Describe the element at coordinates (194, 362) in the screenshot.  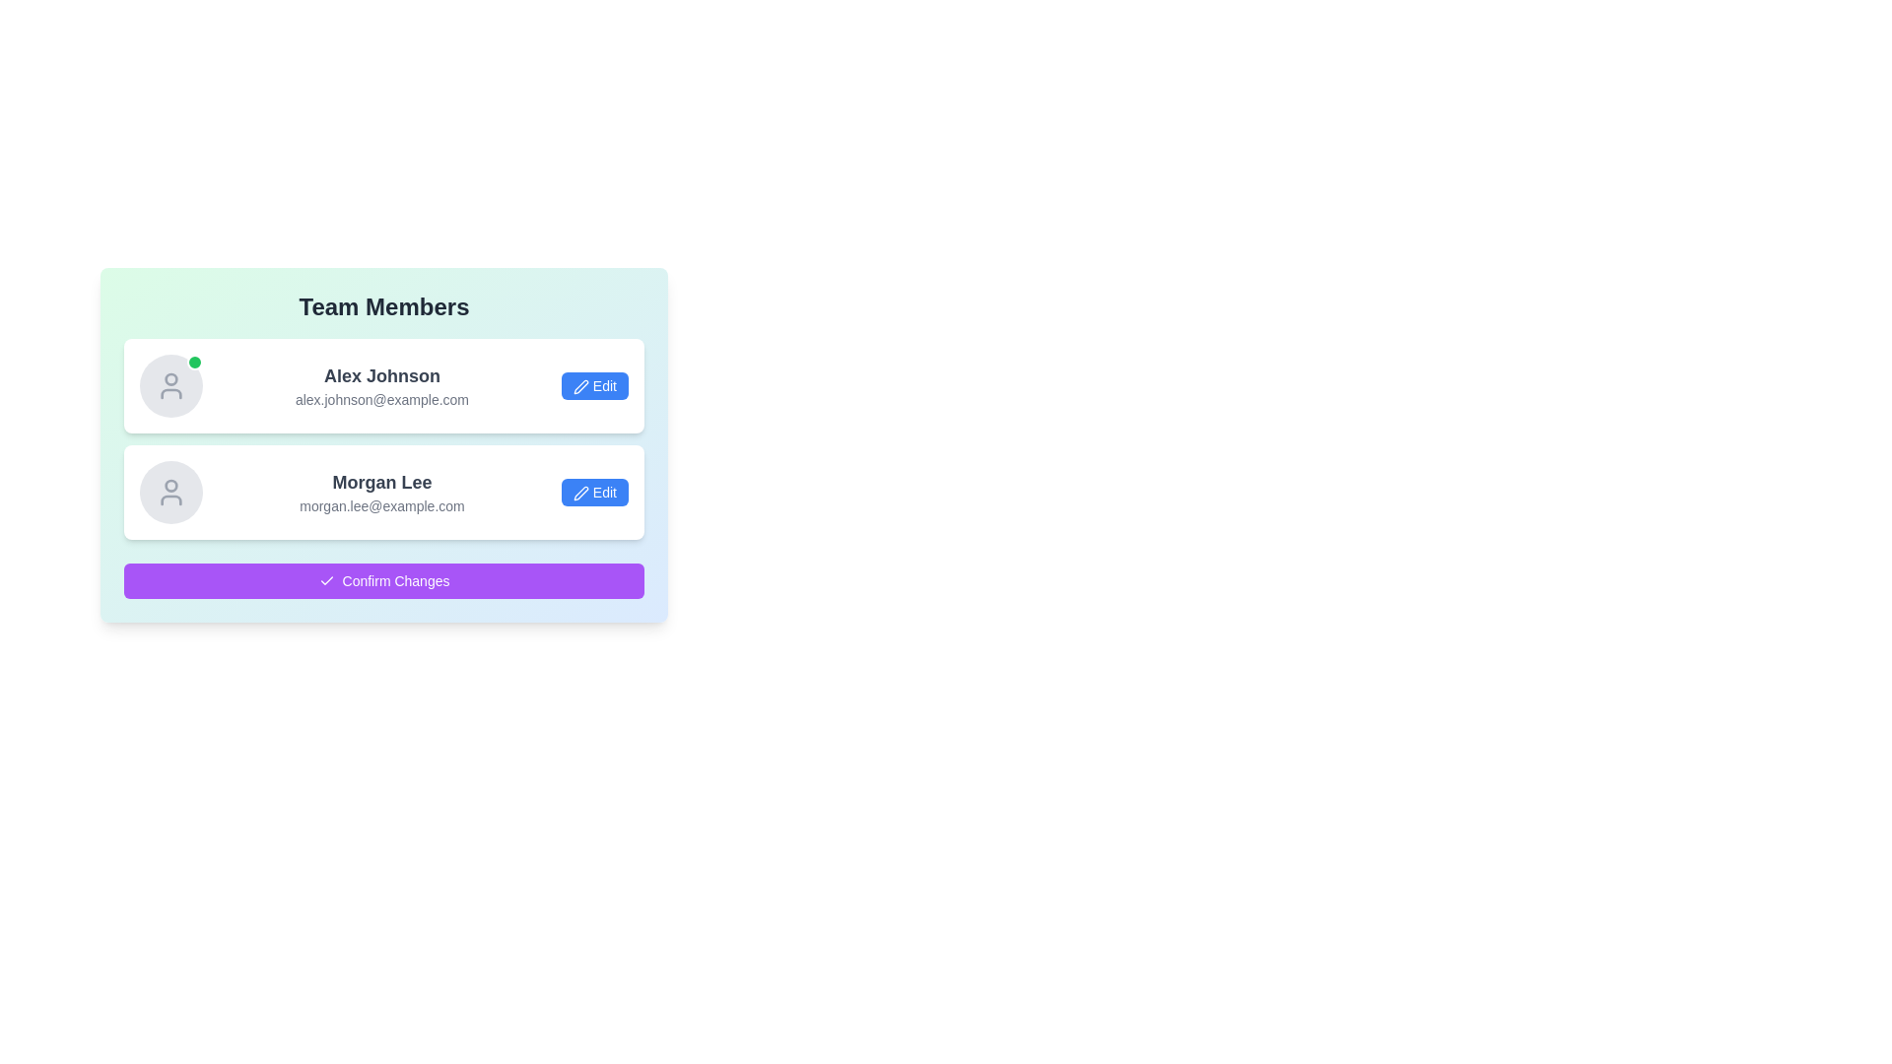
I see `the small green circular status indicator located at the top-right corner of the user profile picture for Alex Johnson` at that location.